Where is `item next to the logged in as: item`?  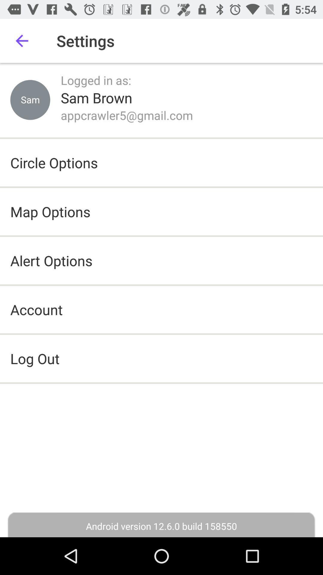 item next to the logged in as: item is located at coordinates (30, 100).